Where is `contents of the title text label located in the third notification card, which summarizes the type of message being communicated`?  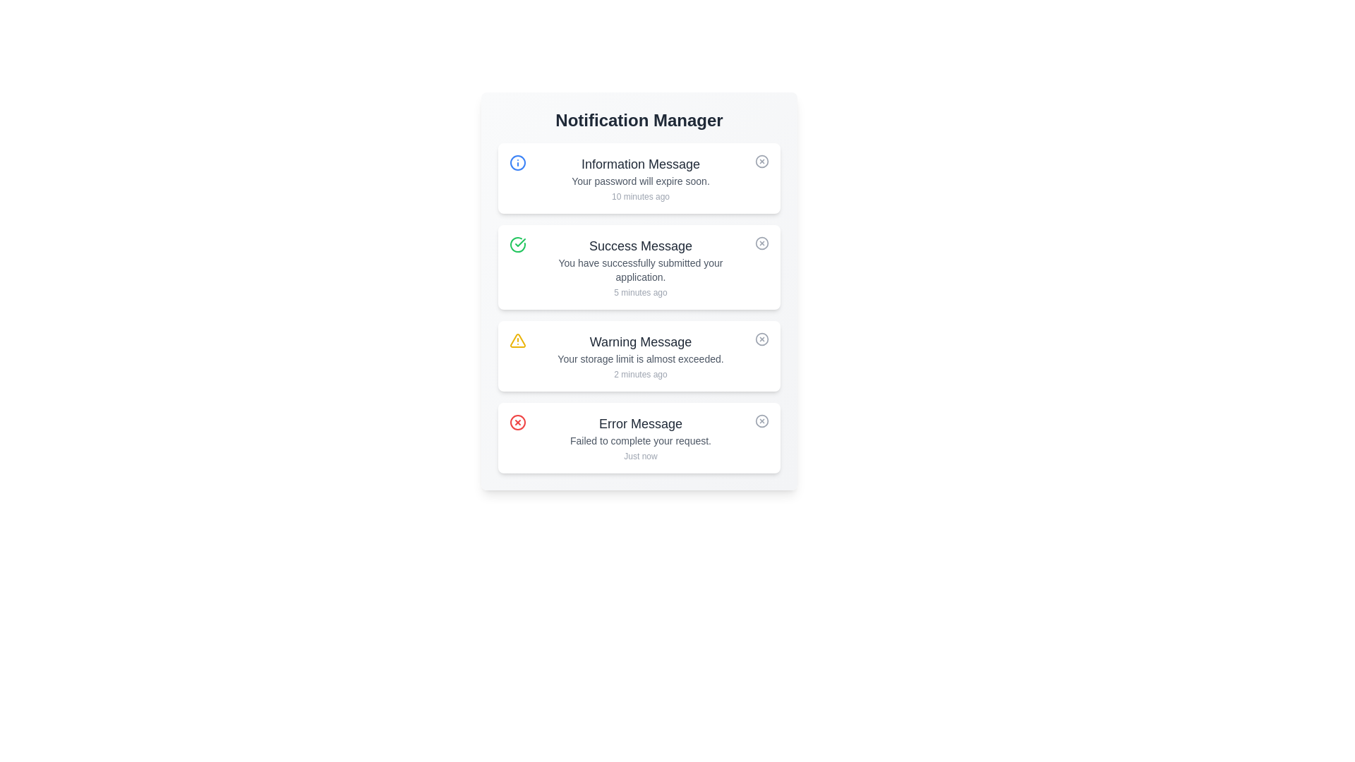 contents of the title text label located in the third notification card, which summarizes the type of message being communicated is located at coordinates (639, 342).